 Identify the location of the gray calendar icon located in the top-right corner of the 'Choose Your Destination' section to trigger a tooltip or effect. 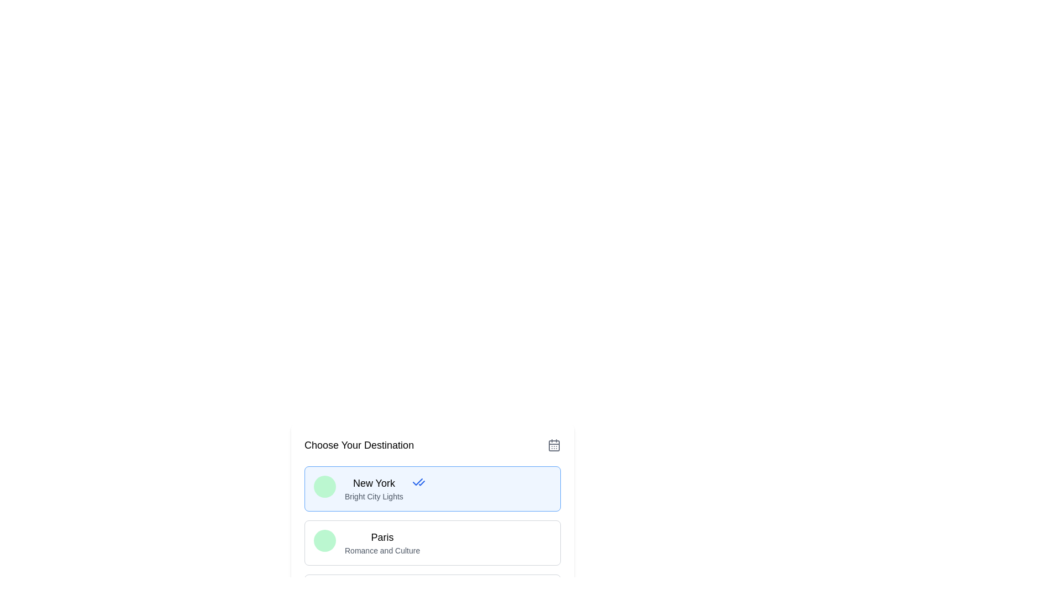
(554, 444).